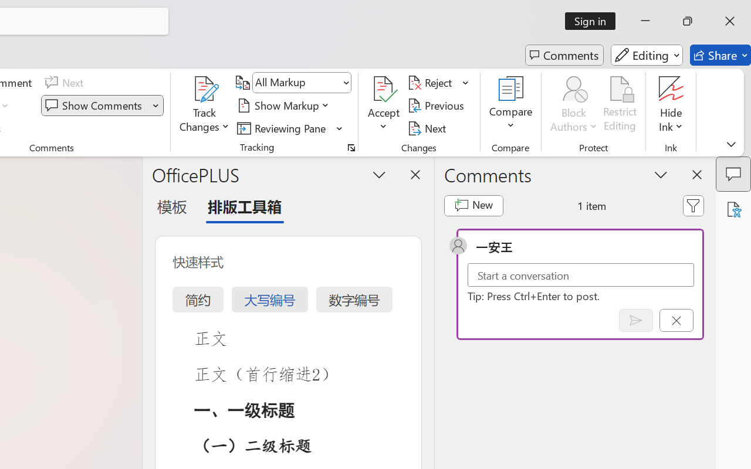  I want to click on 'Restrict Editing', so click(620, 105).